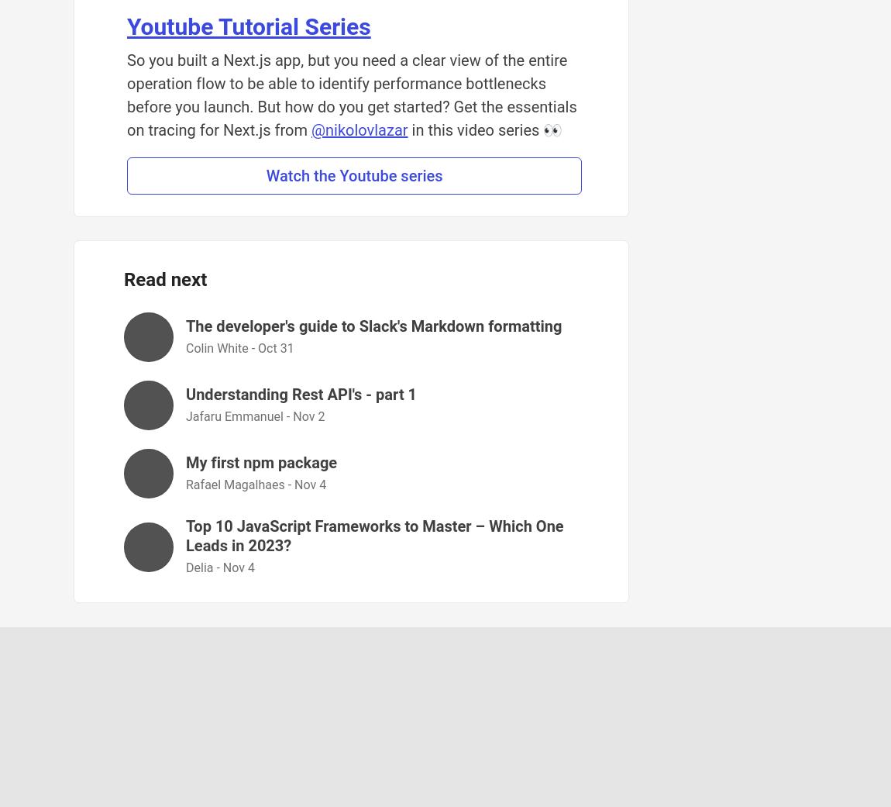  Describe the element at coordinates (498, 743) in the screenshot. I see `'DEV'` at that location.